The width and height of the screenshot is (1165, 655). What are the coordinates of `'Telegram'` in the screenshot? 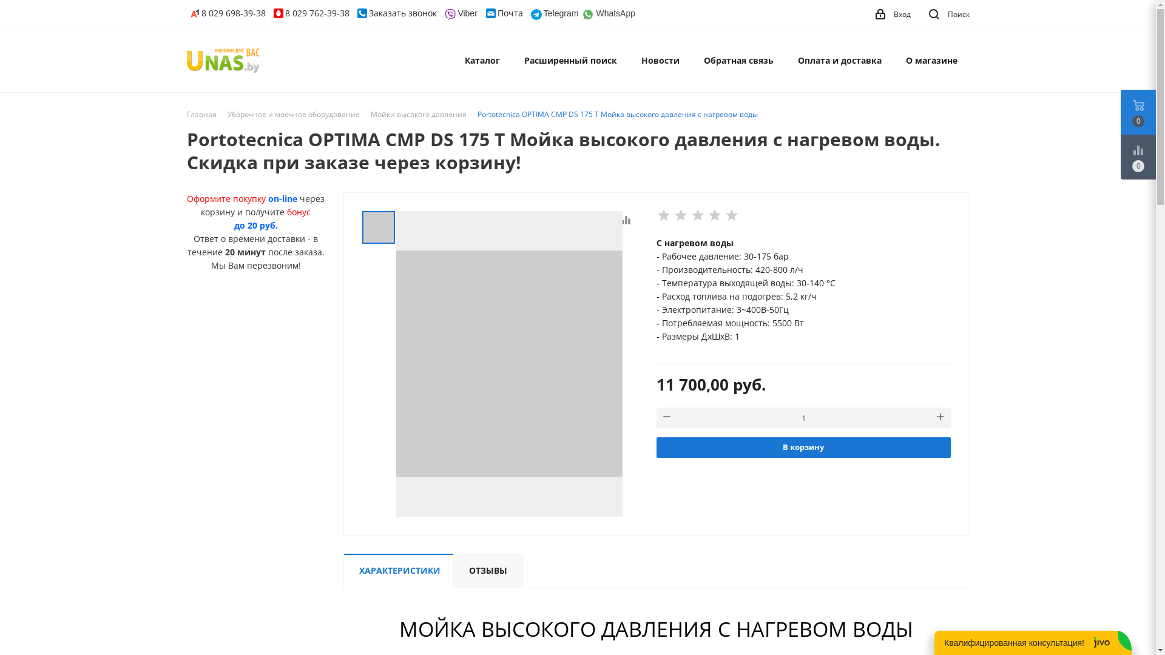 It's located at (530, 13).